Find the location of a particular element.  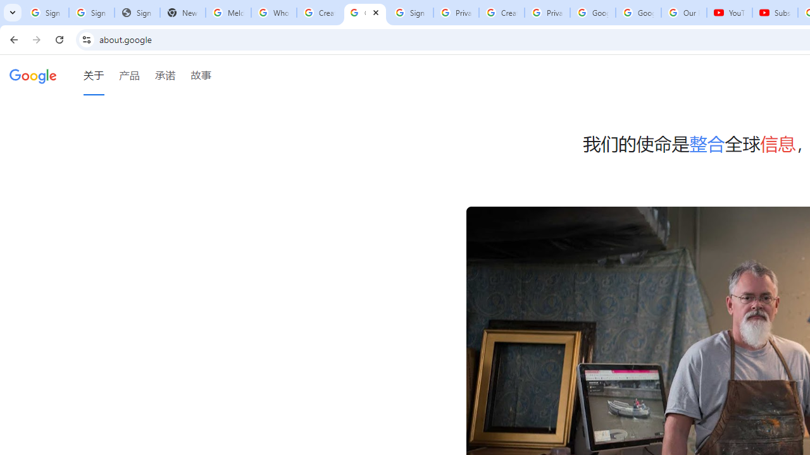

'New Tab' is located at coordinates (182, 13).